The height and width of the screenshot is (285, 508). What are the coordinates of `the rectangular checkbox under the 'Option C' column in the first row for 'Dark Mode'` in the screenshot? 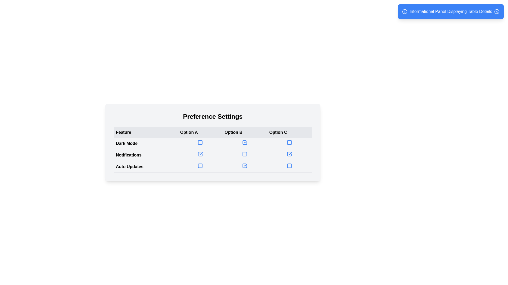 It's located at (289, 142).